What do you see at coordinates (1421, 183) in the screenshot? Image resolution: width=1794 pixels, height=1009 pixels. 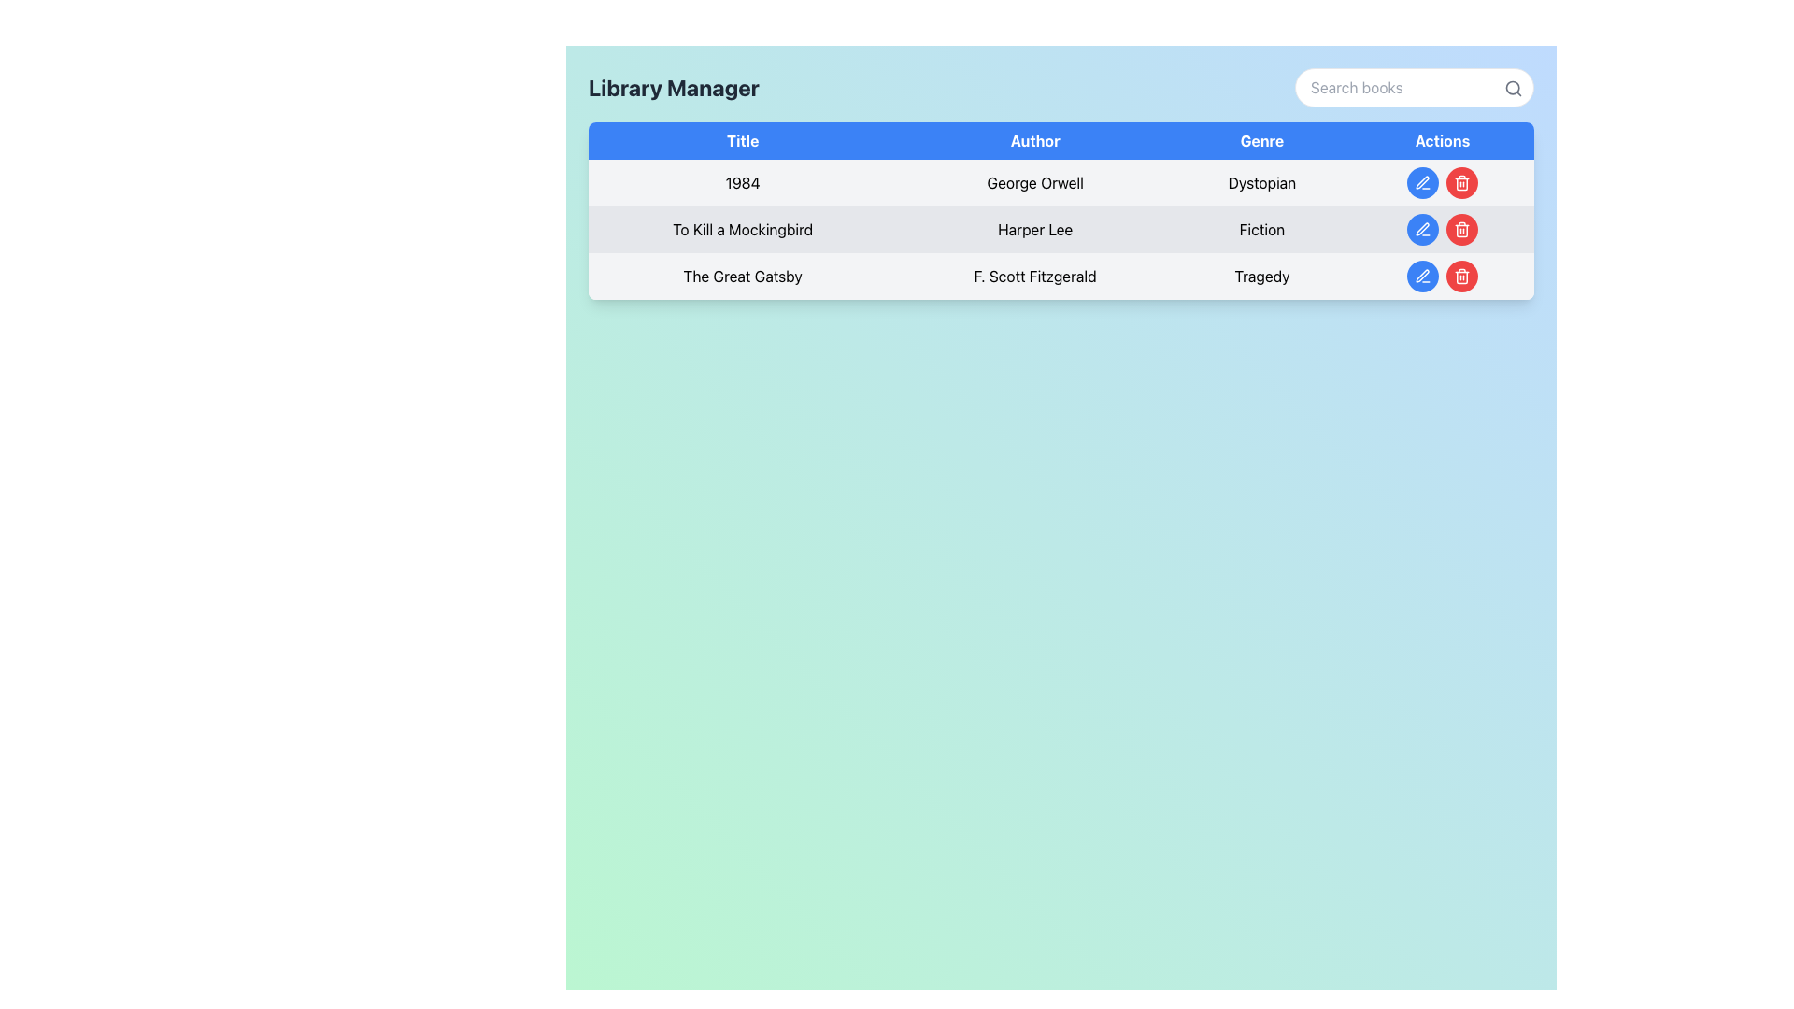 I see `the first icon in the 'Actions' column for the row corresponding to the book '1984'` at bounding box center [1421, 183].